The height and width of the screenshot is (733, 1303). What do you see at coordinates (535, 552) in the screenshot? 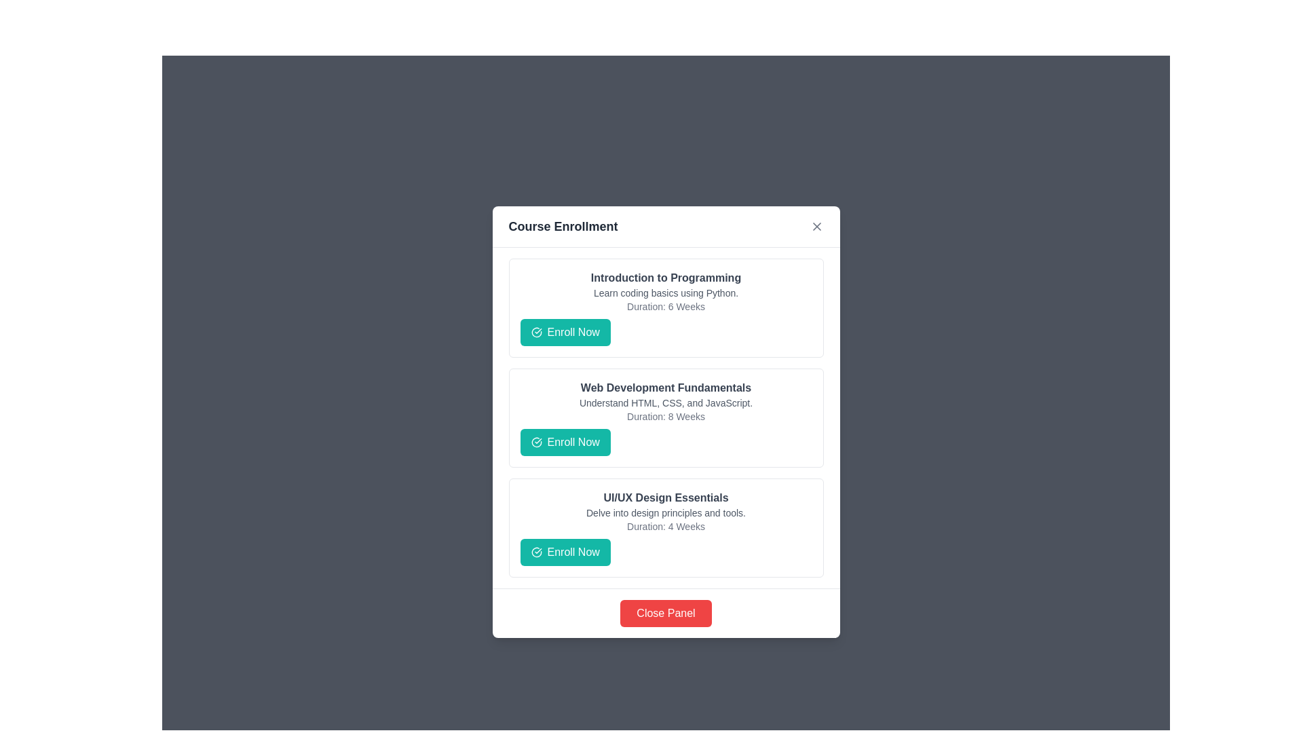
I see `the circular icon with a checkmark inside it, which represents completion, located to the left of the 'Enroll Now' label for the 'UI/UX Design Essentials' course` at bounding box center [535, 552].